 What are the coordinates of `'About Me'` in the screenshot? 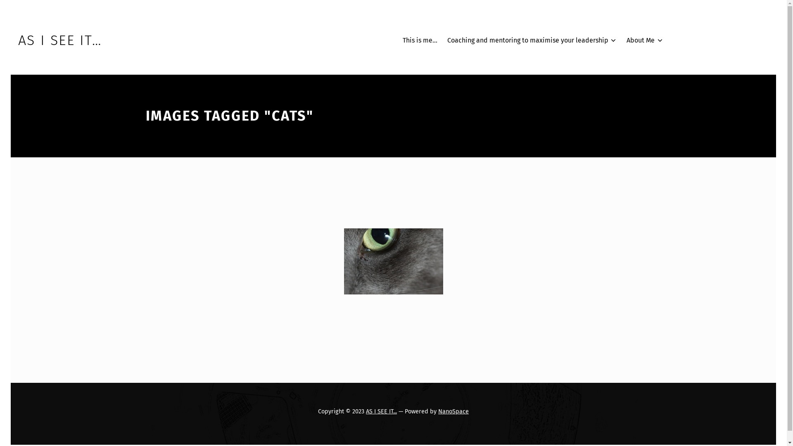 It's located at (644, 40).